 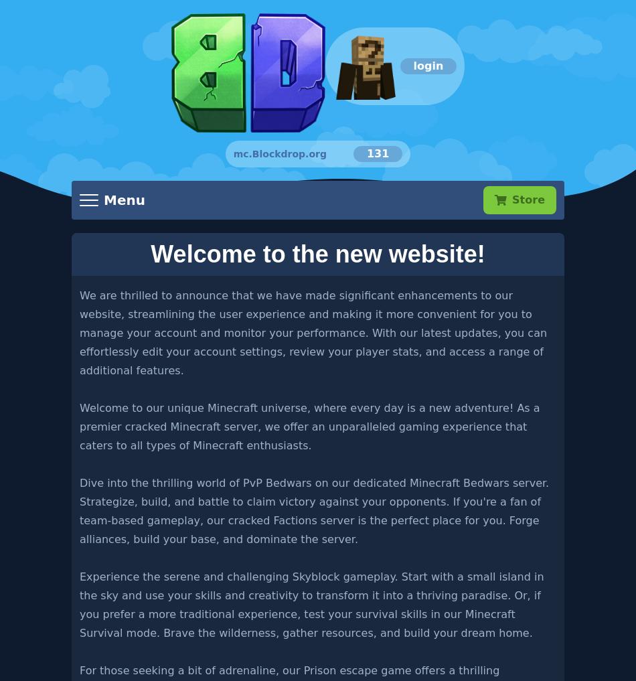 What do you see at coordinates (311, 604) in the screenshot?
I see `'Experience the serene and challenging Skyblock gameplay. Start with a small island in the sky and use your skills and creativity to transform it into a thriving paradise. Or, if you prefer a more traditional experience, test your survival skills in our Minecraft Survival mode. Brave the wilderness, gather resources, and build your dream home.'` at bounding box center [311, 604].